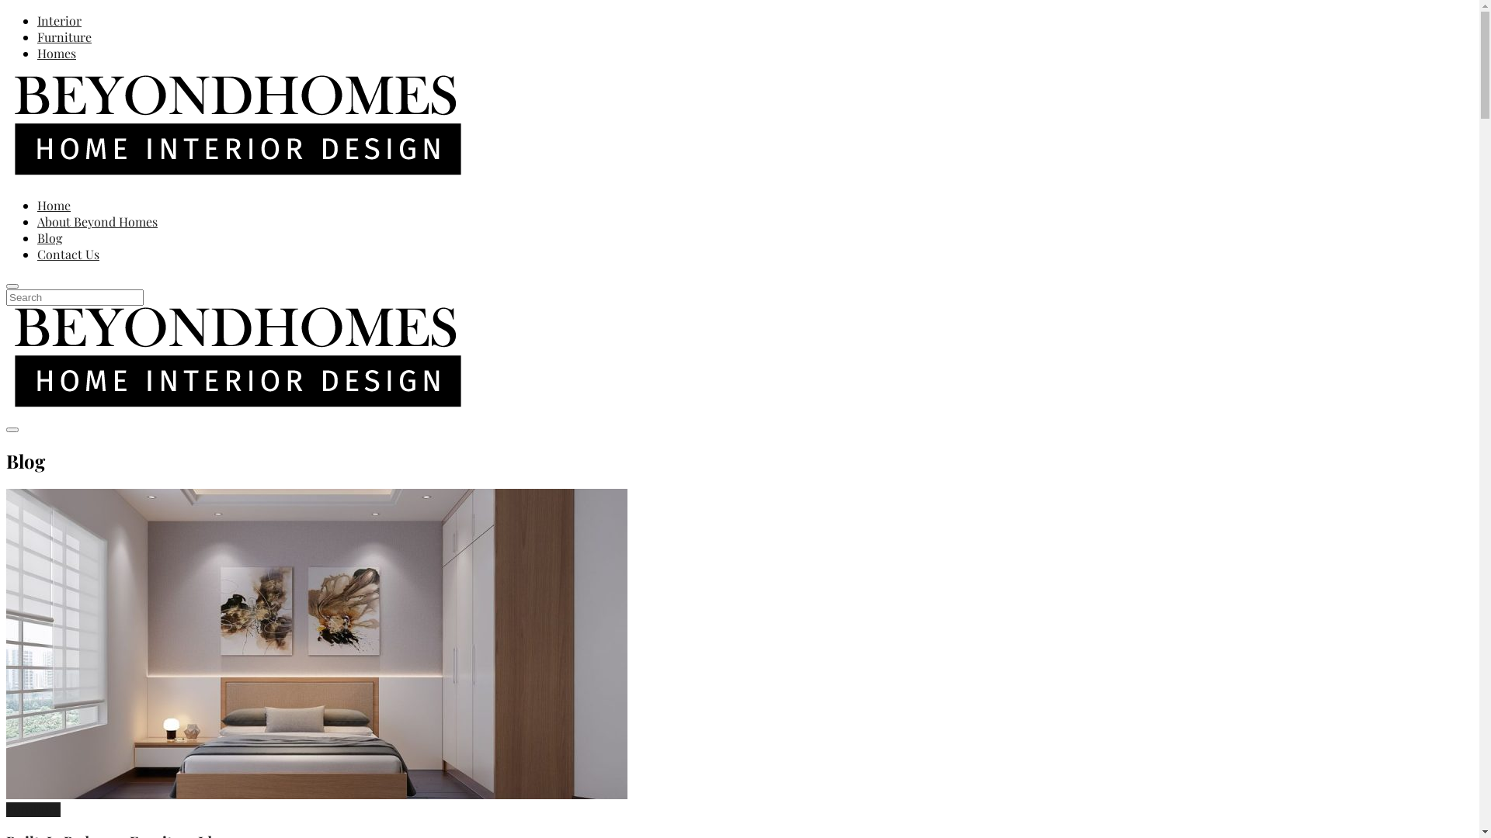 This screenshot has height=838, width=1491. Describe the element at coordinates (59, 20) in the screenshot. I see `'Interior'` at that location.